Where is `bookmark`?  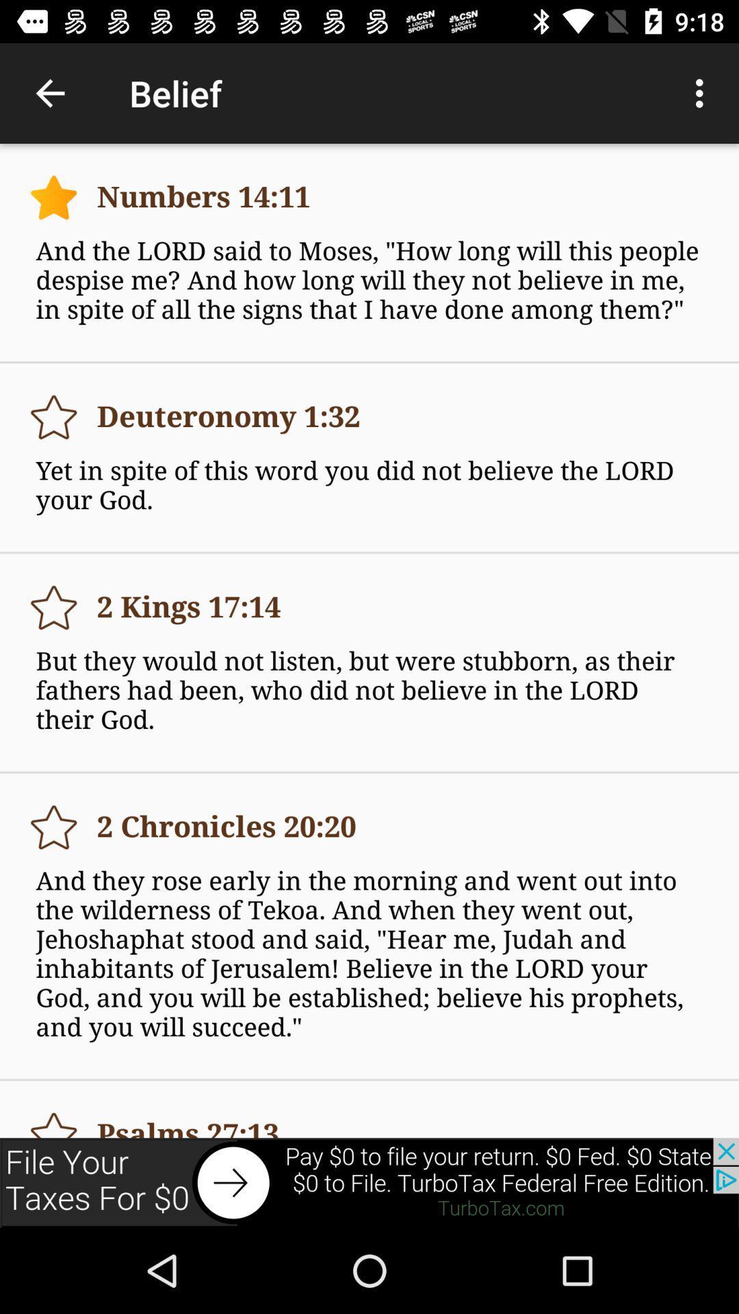 bookmark is located at coordinates (53, 196).